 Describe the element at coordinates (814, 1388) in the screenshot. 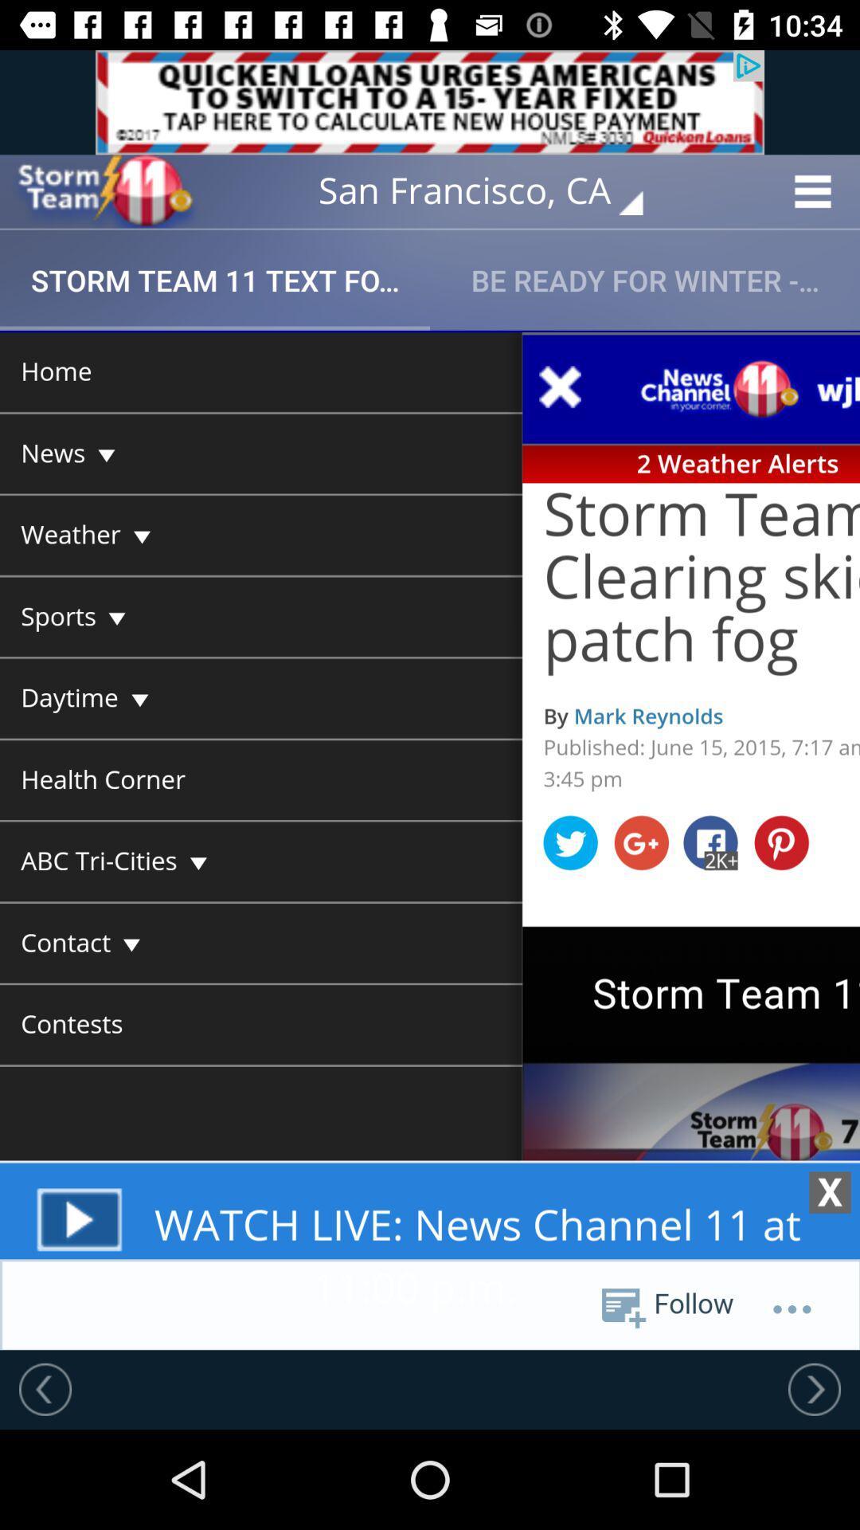

I see `proceed to next` at that location.